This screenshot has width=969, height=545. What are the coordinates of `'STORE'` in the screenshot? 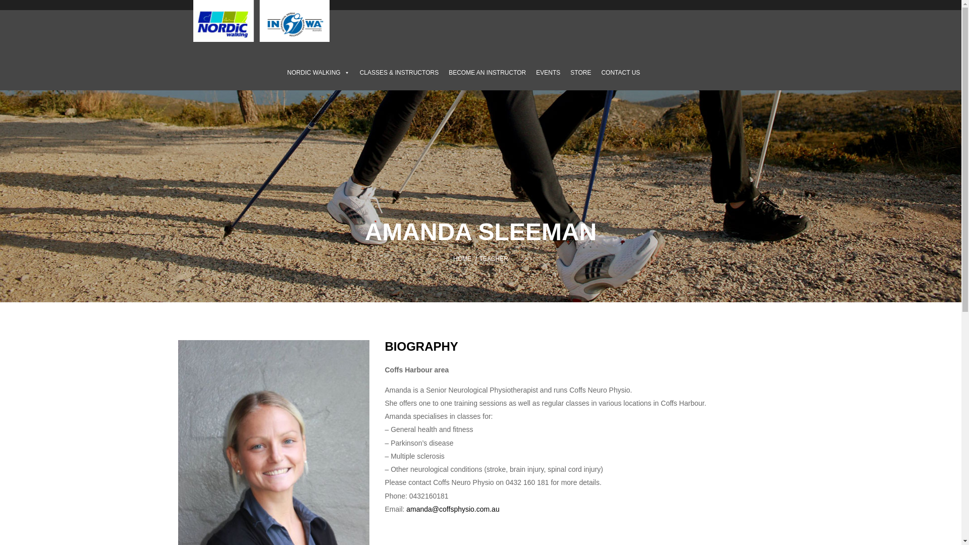 It's located at (564, 72).